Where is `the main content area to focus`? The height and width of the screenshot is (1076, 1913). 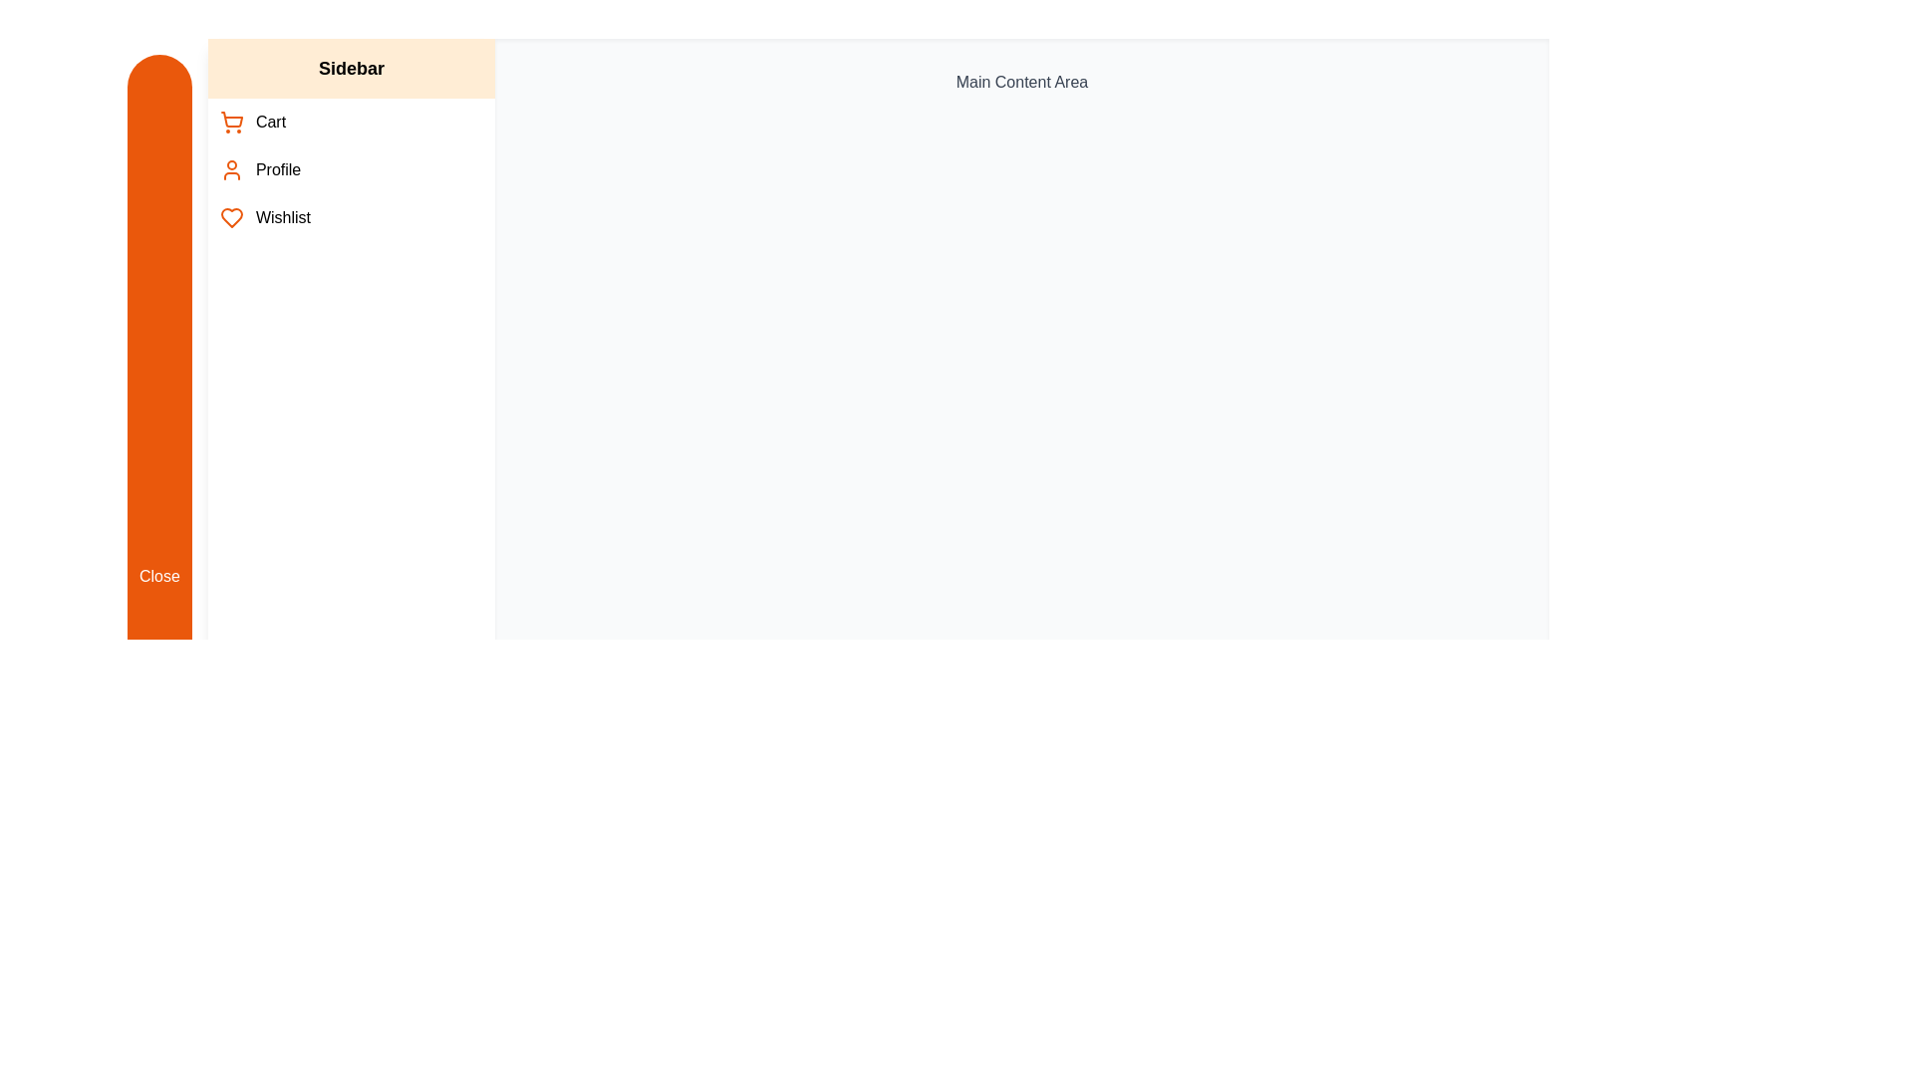 the main content area to focus is located at coordinates (1021, 576).